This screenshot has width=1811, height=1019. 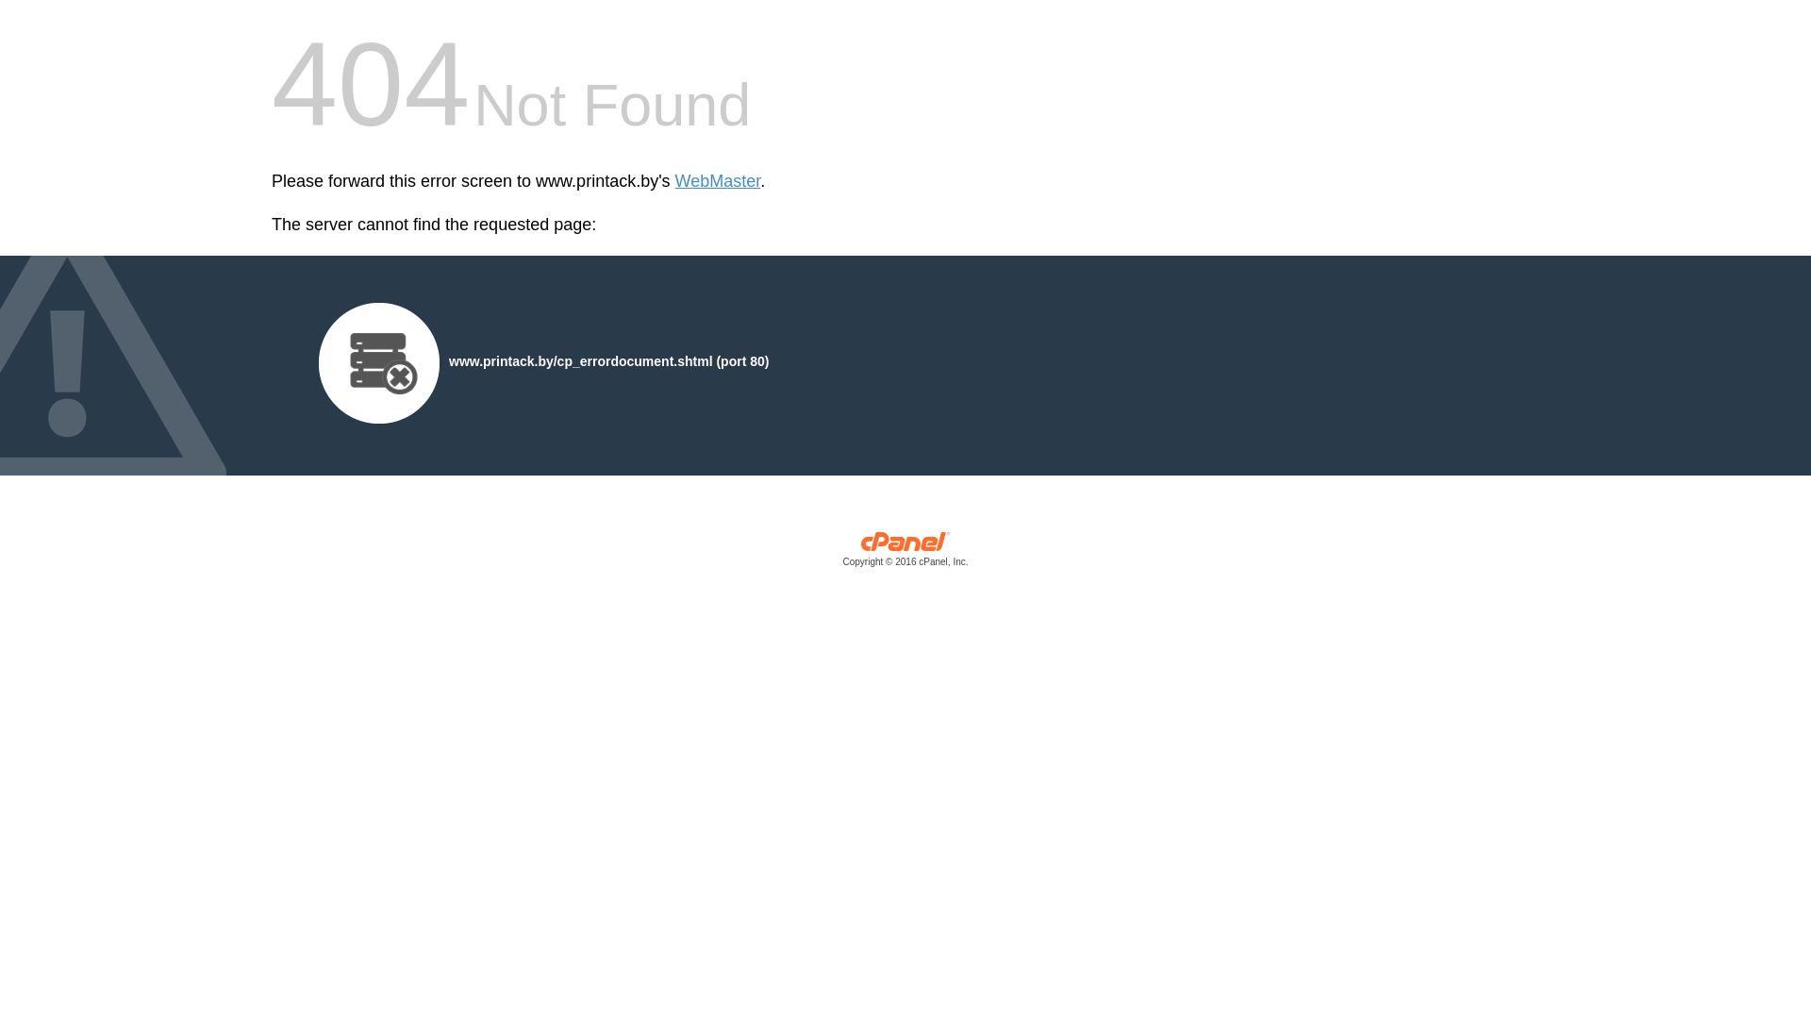 I want to click on 'WebMaster', so click(x=717, y=181).